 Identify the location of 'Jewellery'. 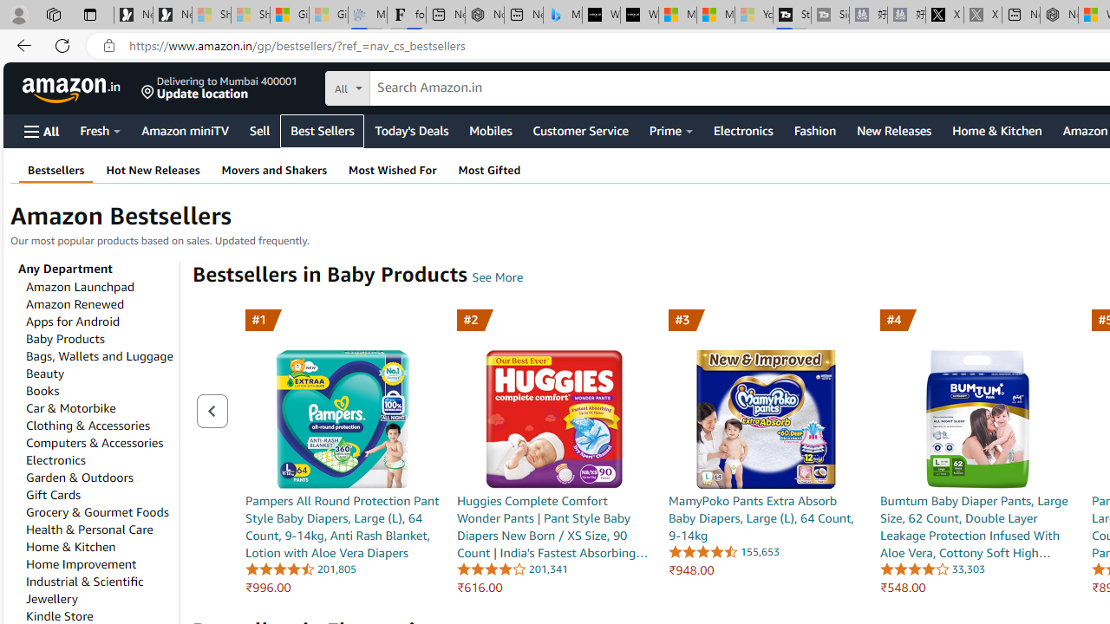
(51, 597).